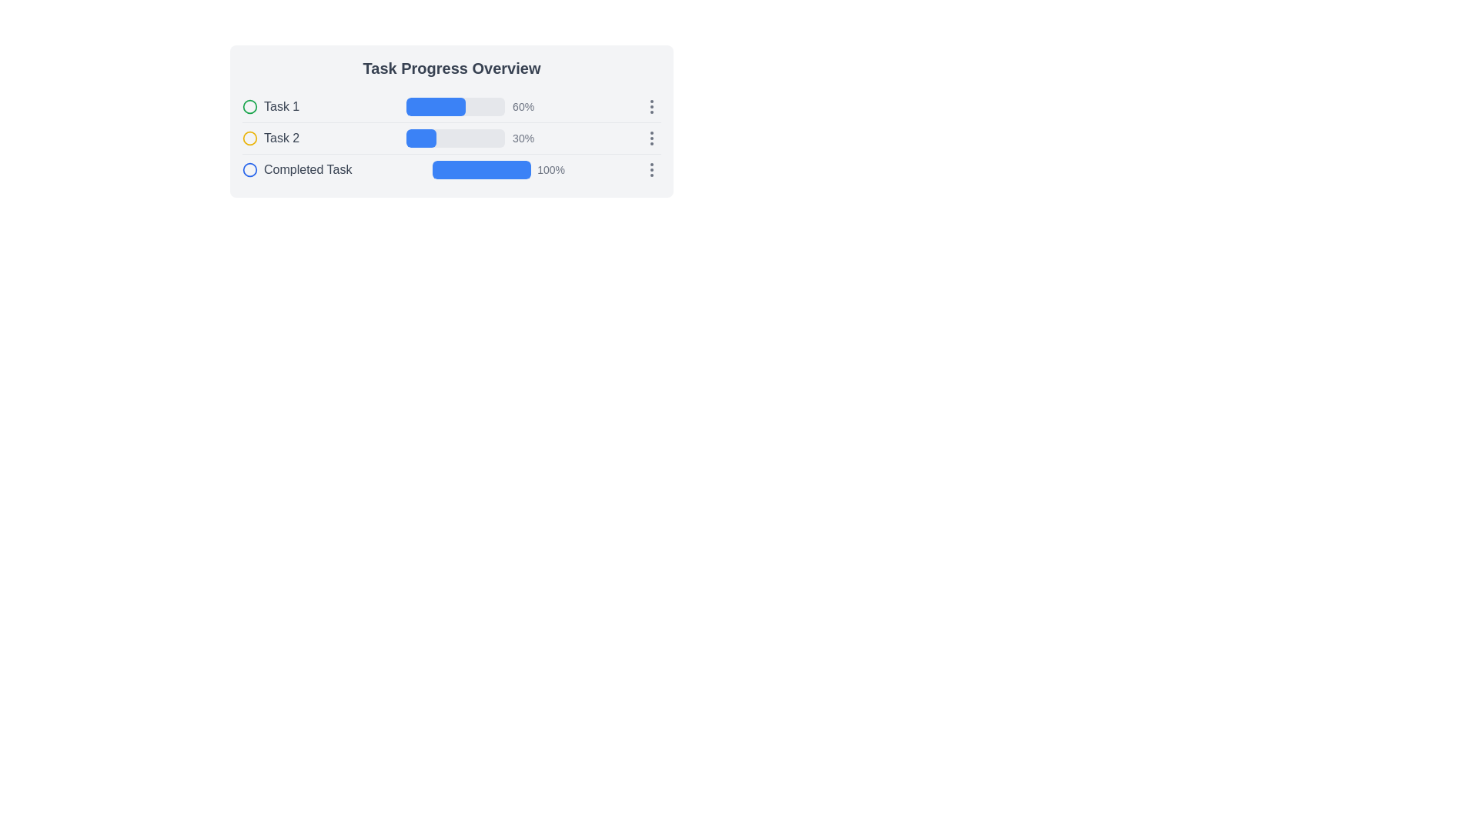 The height and width of the screenshot is (831, 1478). What do you see at coordinates (250, 169) in the screenshot?
I see `the leftmost circular icon styled as a blue outlined circle in the 'Completed Task' row of the task list interface` at bounding box center [250, 169].